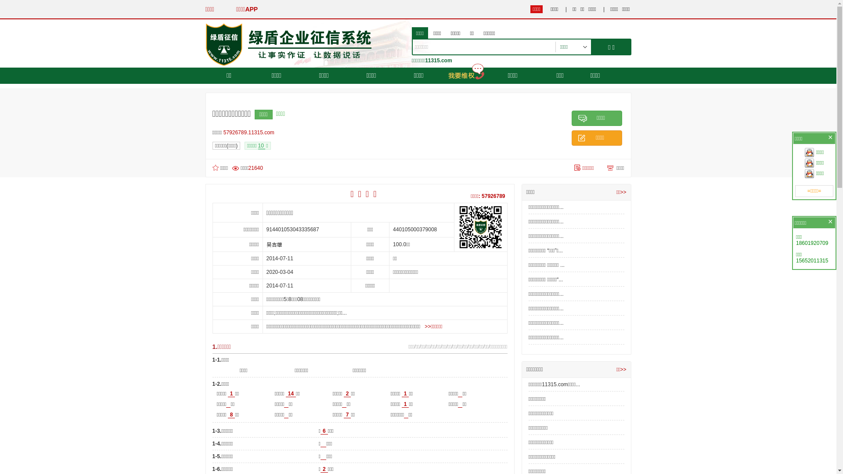  I want to click on '57926789.11315.com', so click(250, 132).